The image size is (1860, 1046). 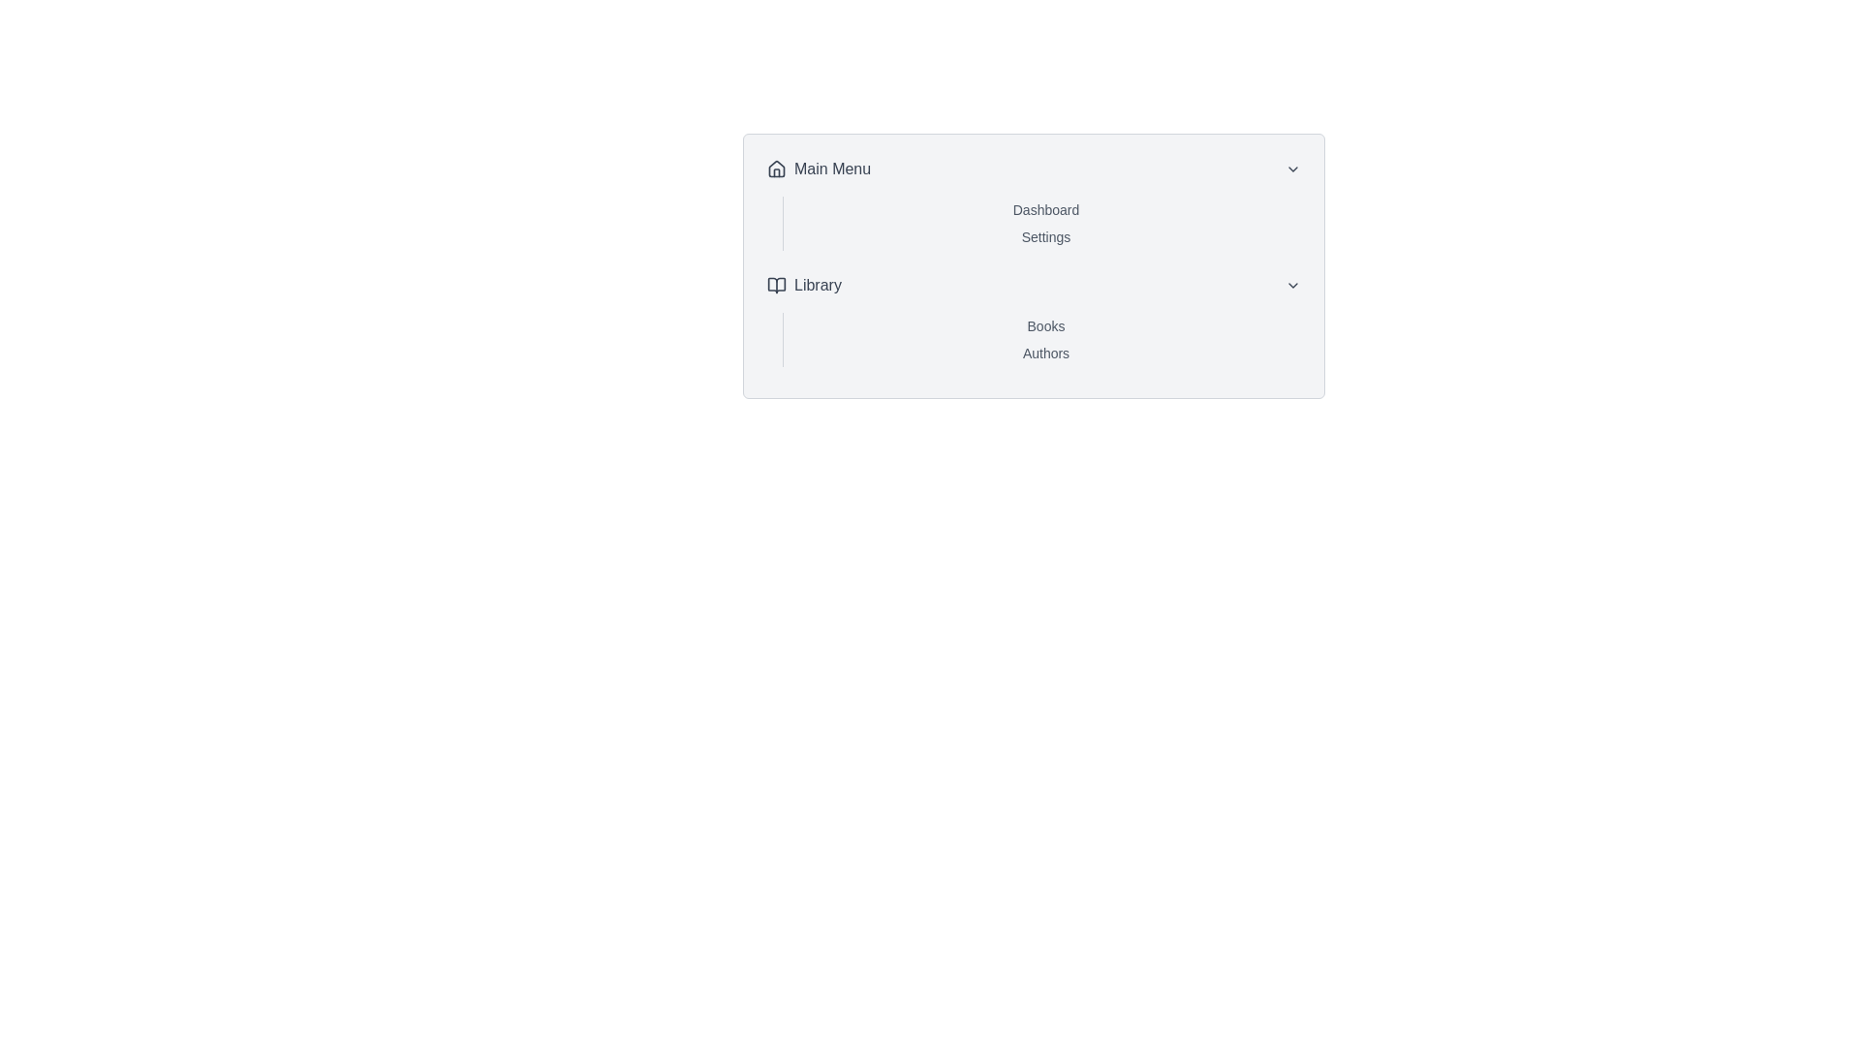 I want to click on the text-based navigation link group located below the 'Main Menu' section, so click(x=1044, y=223).